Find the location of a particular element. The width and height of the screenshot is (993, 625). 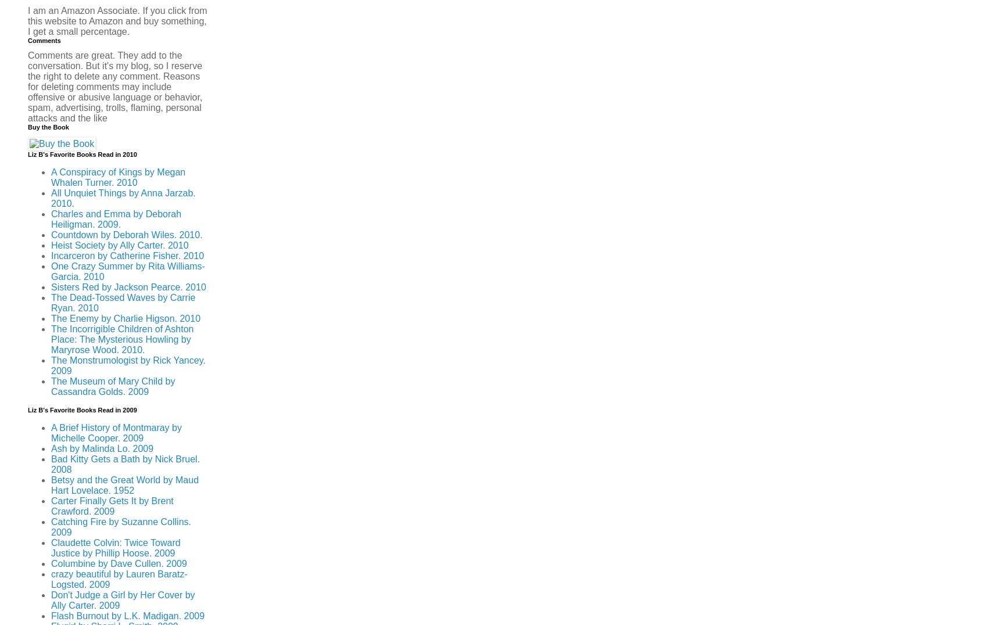

'Liz B's Favorite Books Read in 2009' is located at coordinates (27, 410).